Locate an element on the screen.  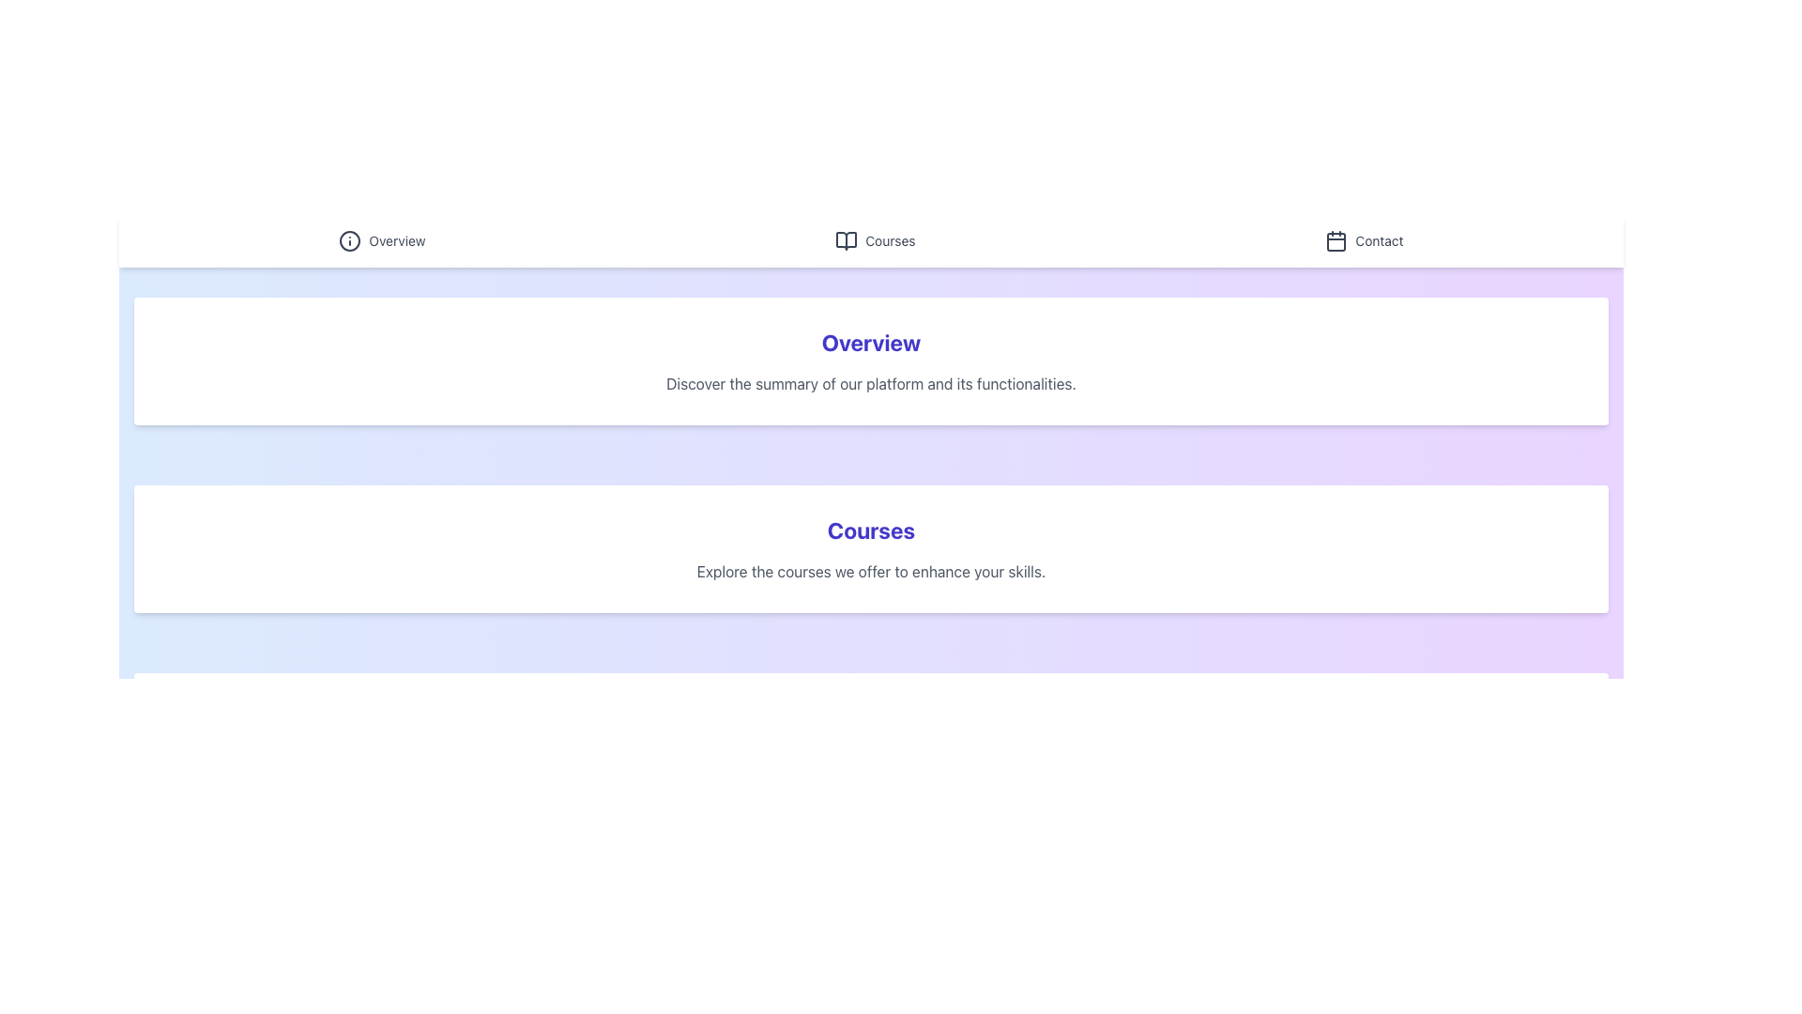
the SVG graphic icon representing an open book located in the navigation bar is located at coordinates (846, 240).